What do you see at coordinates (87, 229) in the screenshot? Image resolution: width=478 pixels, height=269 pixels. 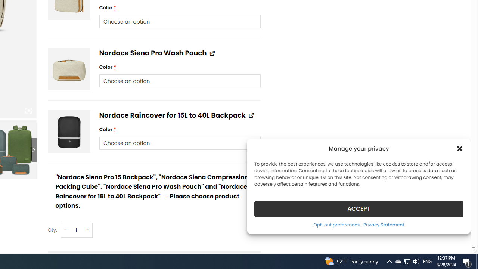 I see `'+'` at bounding box center [87, 229].